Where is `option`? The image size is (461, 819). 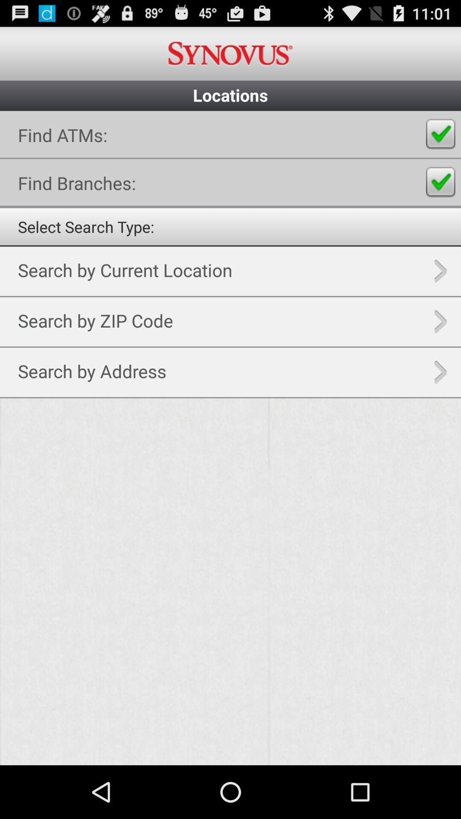 option is located at coordinates (230, 438).